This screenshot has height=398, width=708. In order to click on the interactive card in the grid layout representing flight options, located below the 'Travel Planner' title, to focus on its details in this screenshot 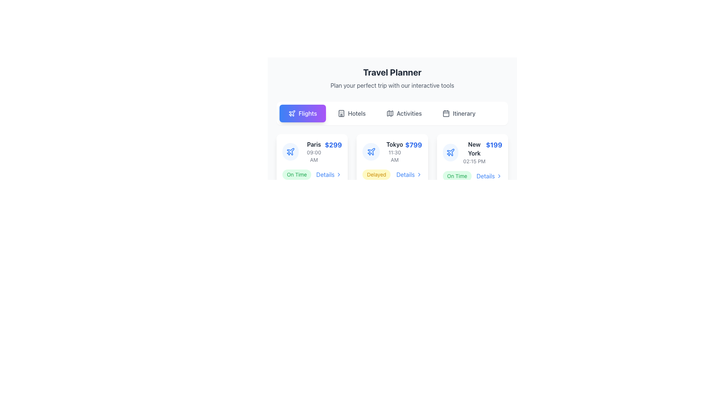, I will do `click(392, 160)`.